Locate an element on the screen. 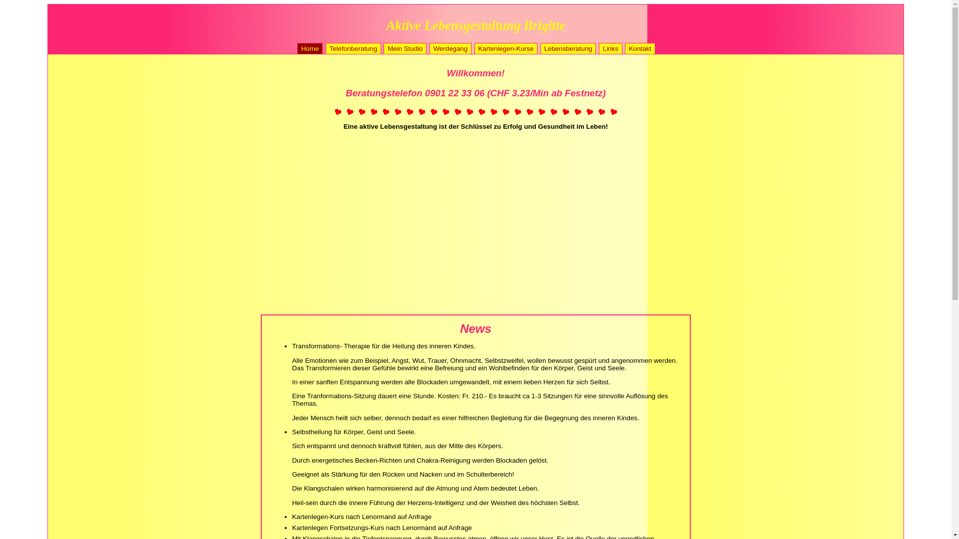 The width and height of the screenshot is (959, 539). 'Kartenlegen-Kurse' is located at coordinates (505, 48).